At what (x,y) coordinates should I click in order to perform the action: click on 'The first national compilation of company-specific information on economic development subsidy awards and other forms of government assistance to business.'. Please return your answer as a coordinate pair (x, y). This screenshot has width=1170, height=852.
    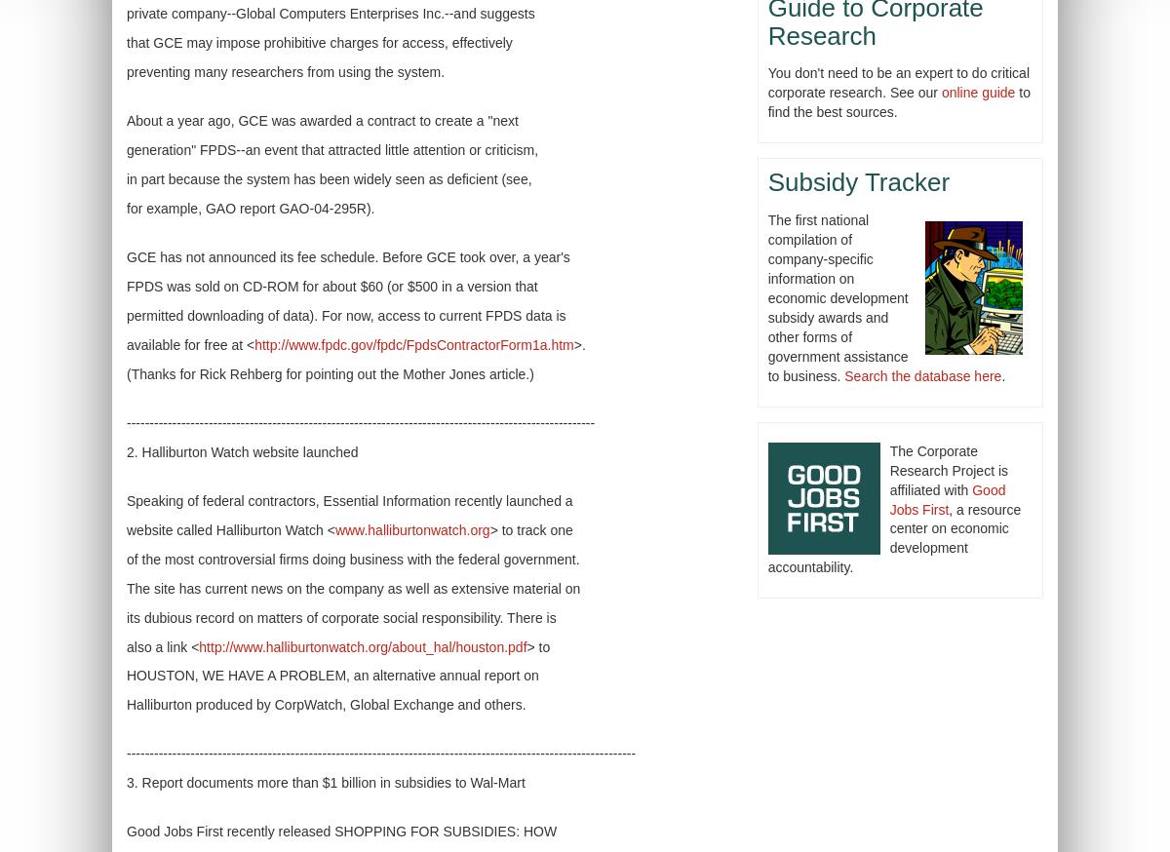
    Looking at the image, I should click on (836, 296).